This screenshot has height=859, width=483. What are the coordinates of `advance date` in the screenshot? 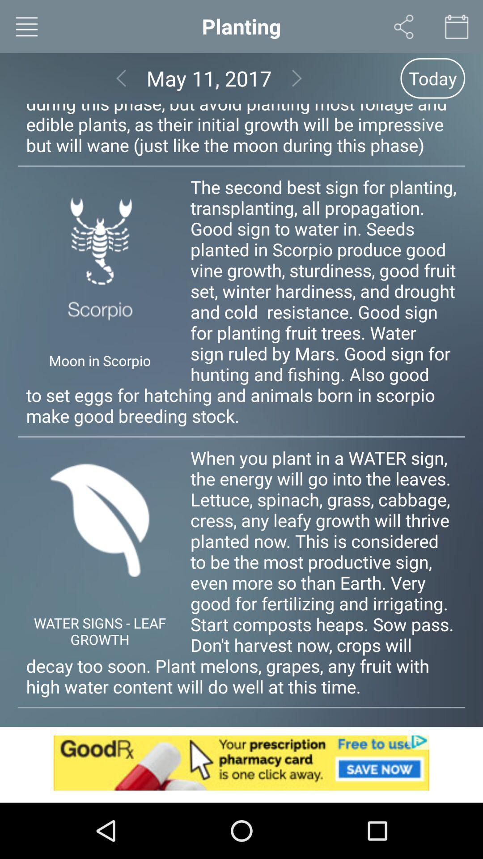 It's located at (297, 78).